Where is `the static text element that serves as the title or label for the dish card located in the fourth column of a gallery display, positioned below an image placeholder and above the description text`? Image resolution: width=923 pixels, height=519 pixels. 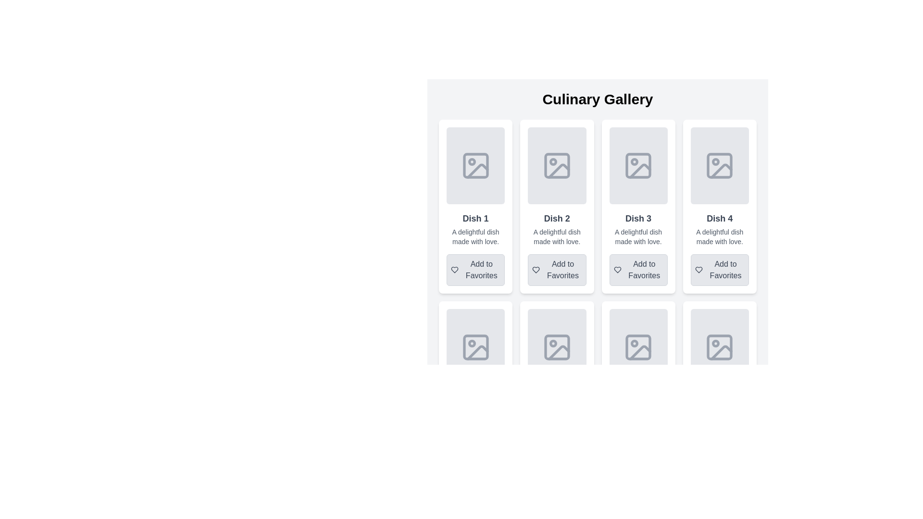
the static text element that serves as the title or label for the dish card located in the fourth column of a gallery display, positioned below an image placeholder and above the description text is located at coordinates (720, 219).